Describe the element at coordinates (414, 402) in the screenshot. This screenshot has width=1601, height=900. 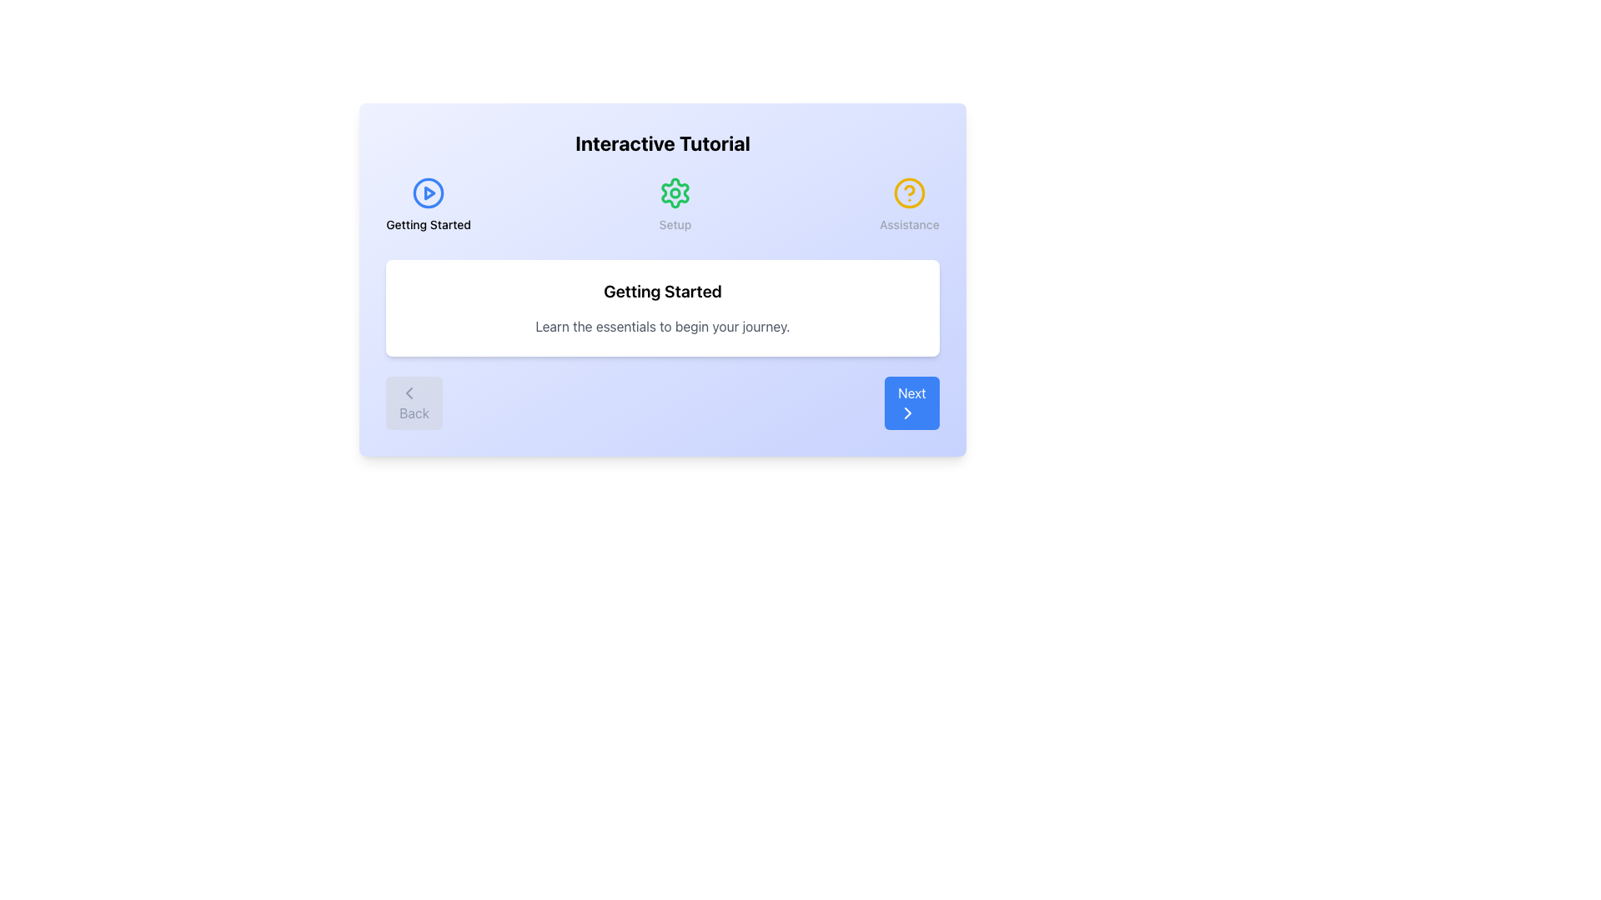
I see `the leftmost button at the bottom of the card interface` at that location.